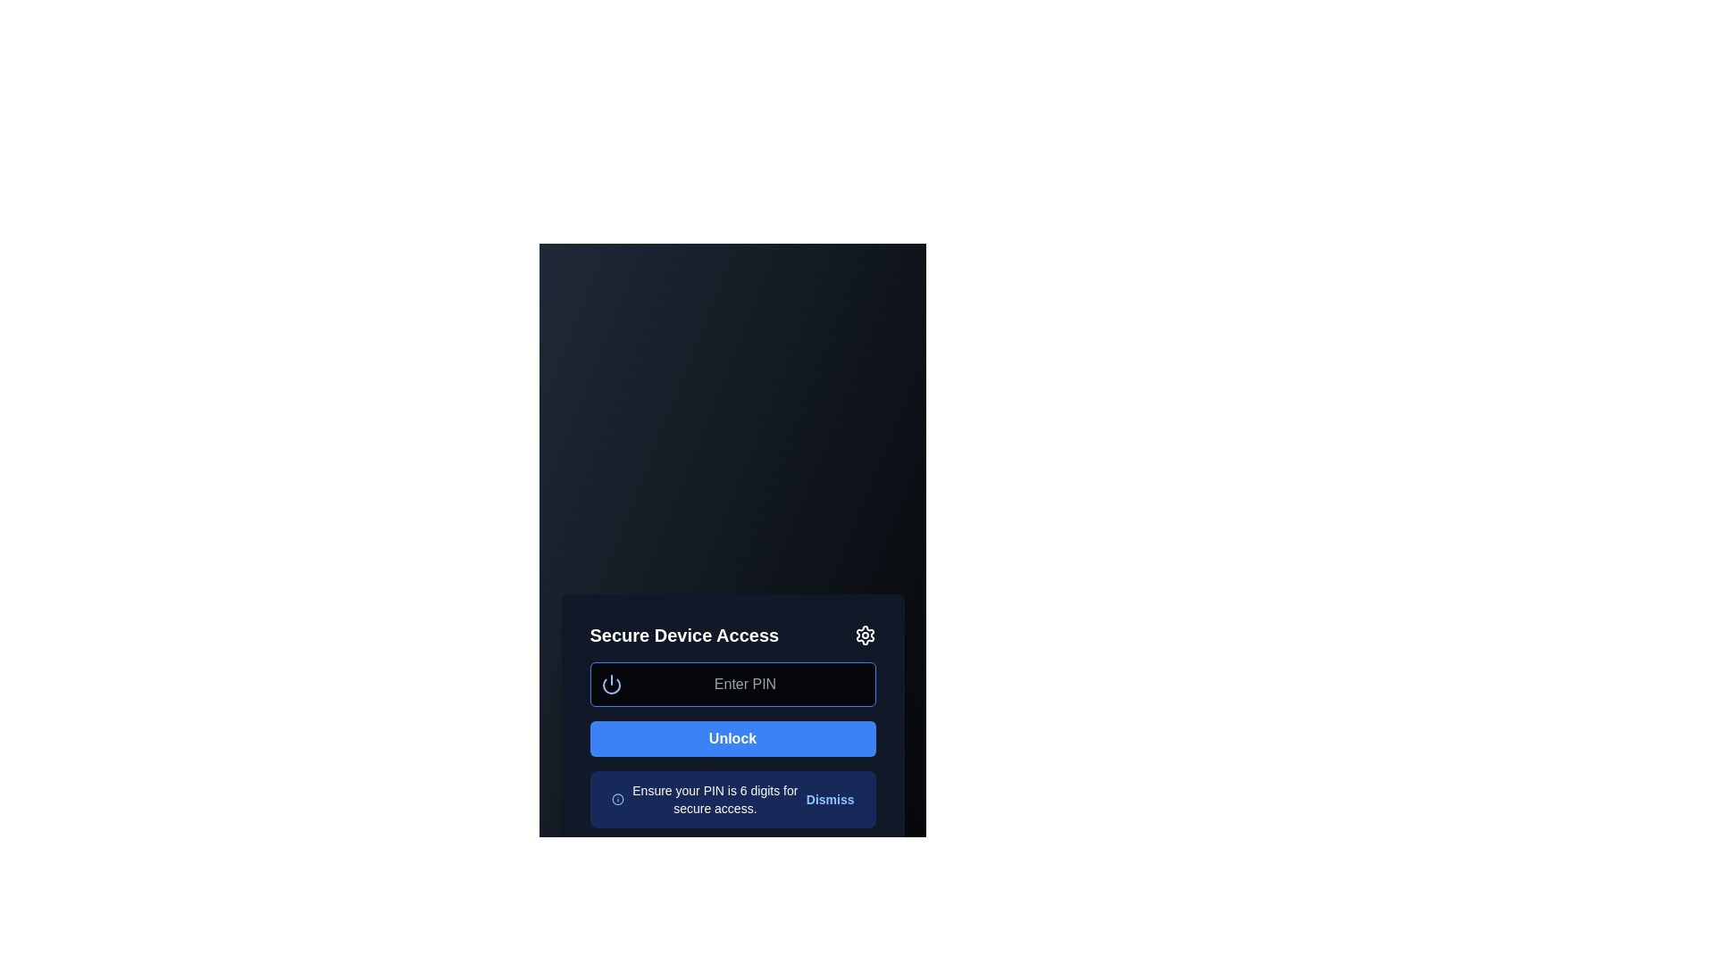 The image size is (1715, 964). What do you see at coordinates (829, 798) in the screenshot?
I see `the dismiss button located at the right edge of the message about ensuring the PIN is six digits for secure access` at bounding box center [829, 798].